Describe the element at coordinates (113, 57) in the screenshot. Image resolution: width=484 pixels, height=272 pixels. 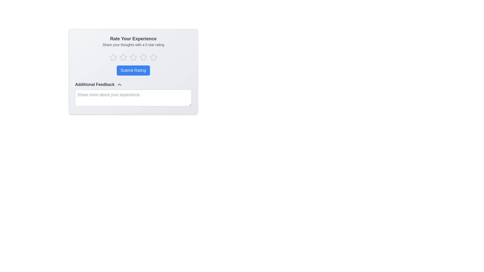
I see `the first star icon in a horizontal series of five, which is outlined in light gray and has a hollow interior` at that location.